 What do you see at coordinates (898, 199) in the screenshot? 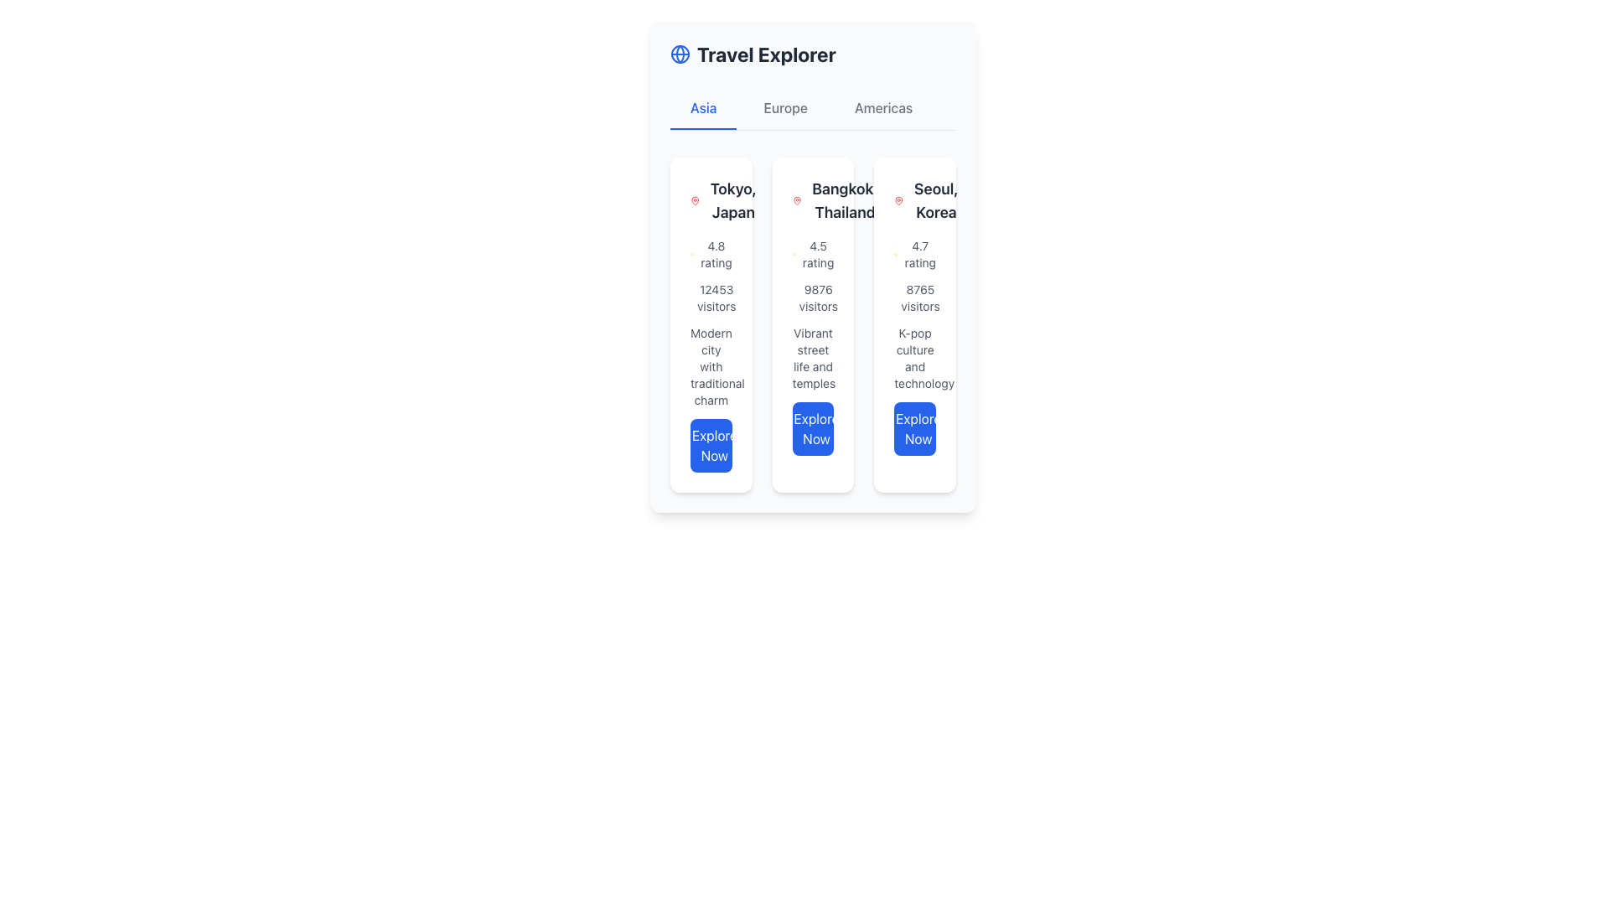
I see `the icon located in the upper-left portion of the 'Seoul, Korea' card, adjacent to the descriptive text of the city name, serving as a geographical indicator` at bounding box center [898, 199].